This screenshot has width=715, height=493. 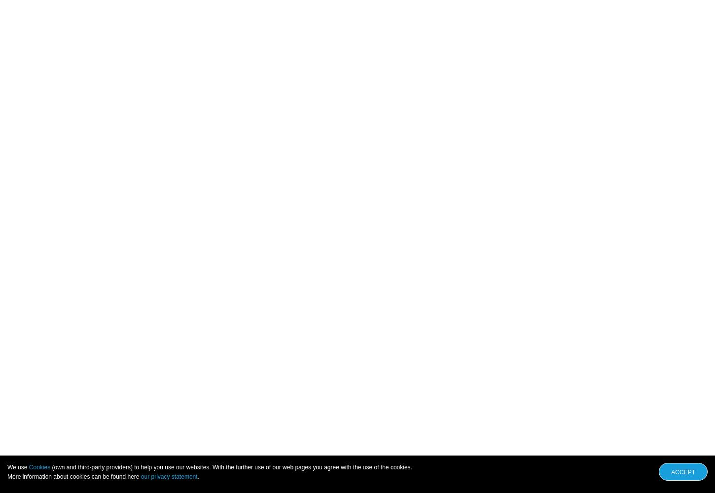 What do you see at coordinates (314, 475) in the screenshot?
I see `'Livecams'` at bounding box center [314, 475].